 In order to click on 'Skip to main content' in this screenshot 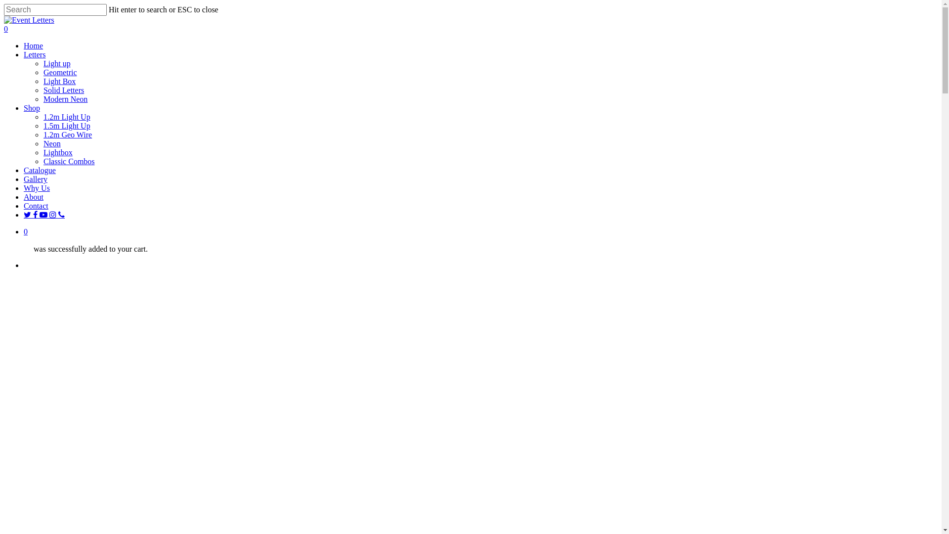, I will do `click(3, 3)`.